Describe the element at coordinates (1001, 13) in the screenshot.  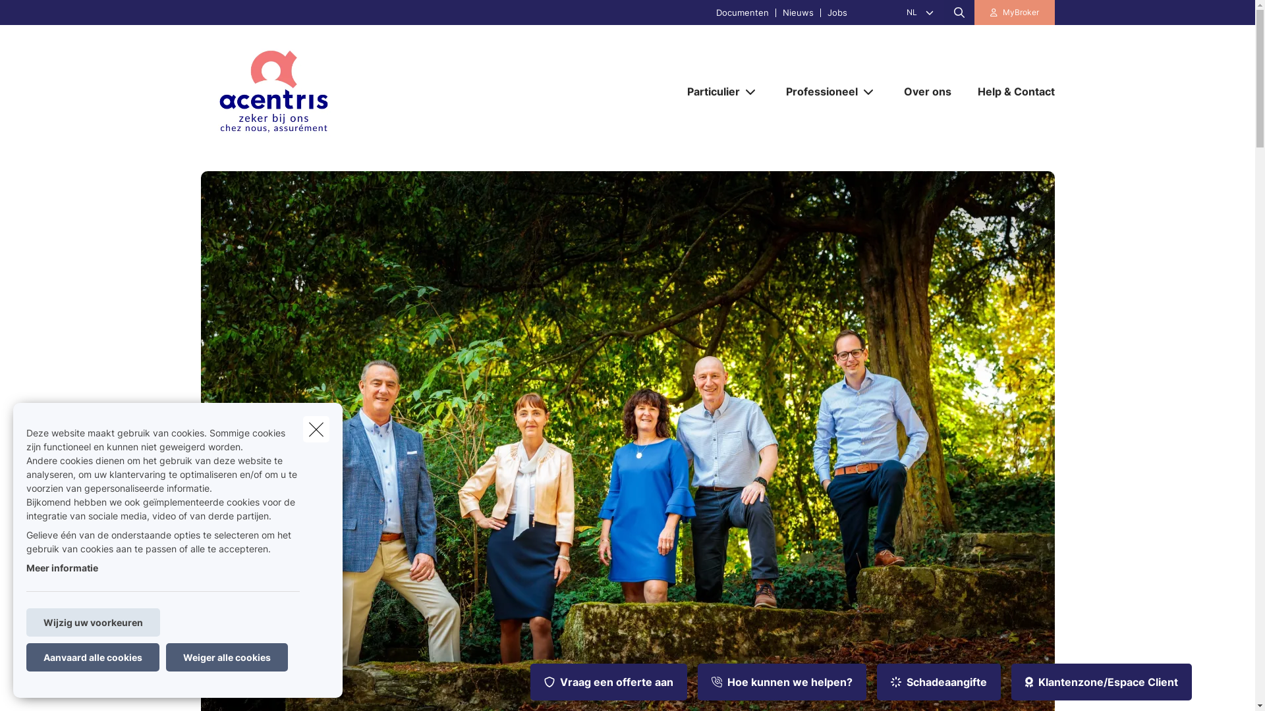
I see `'MyBroker'` at that location.